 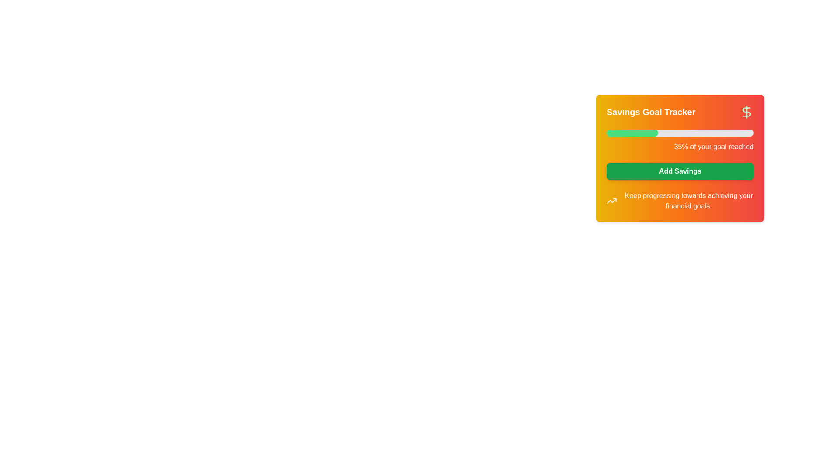 What do you see at coordinates (746, 112) in the screenshot?
I see `the dollar sign icon, which is styled with thin, rounded lines in green, located in the upper-right corner of the 'Savings Goal Tracker' box` at bounding box center [746, 112].